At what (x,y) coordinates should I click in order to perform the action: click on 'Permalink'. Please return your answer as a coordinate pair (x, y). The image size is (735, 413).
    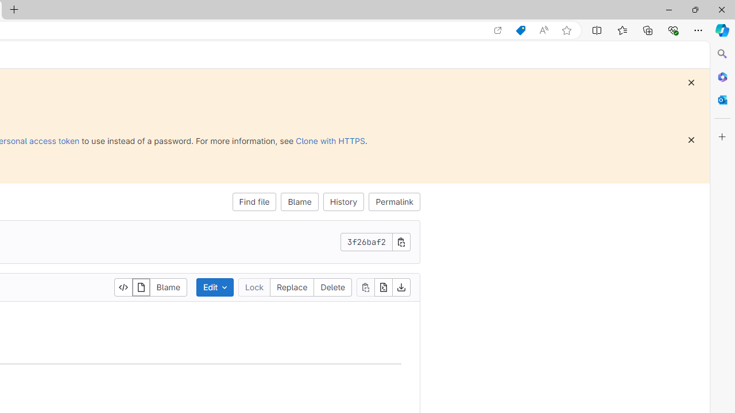
    Looking at the image, I should click on (394, 201).